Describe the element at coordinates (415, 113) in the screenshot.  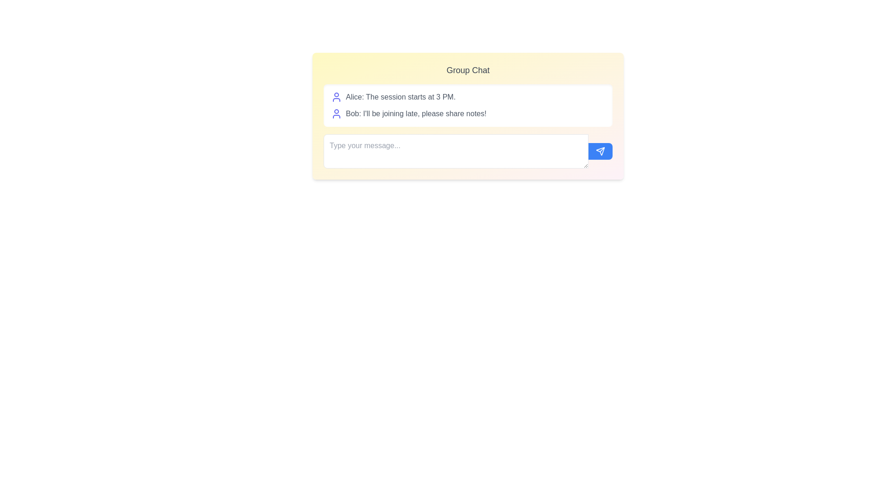
I see `text label that contains the message from Bob: "Bob: I'll be joining late, please share notes!"` at that location.